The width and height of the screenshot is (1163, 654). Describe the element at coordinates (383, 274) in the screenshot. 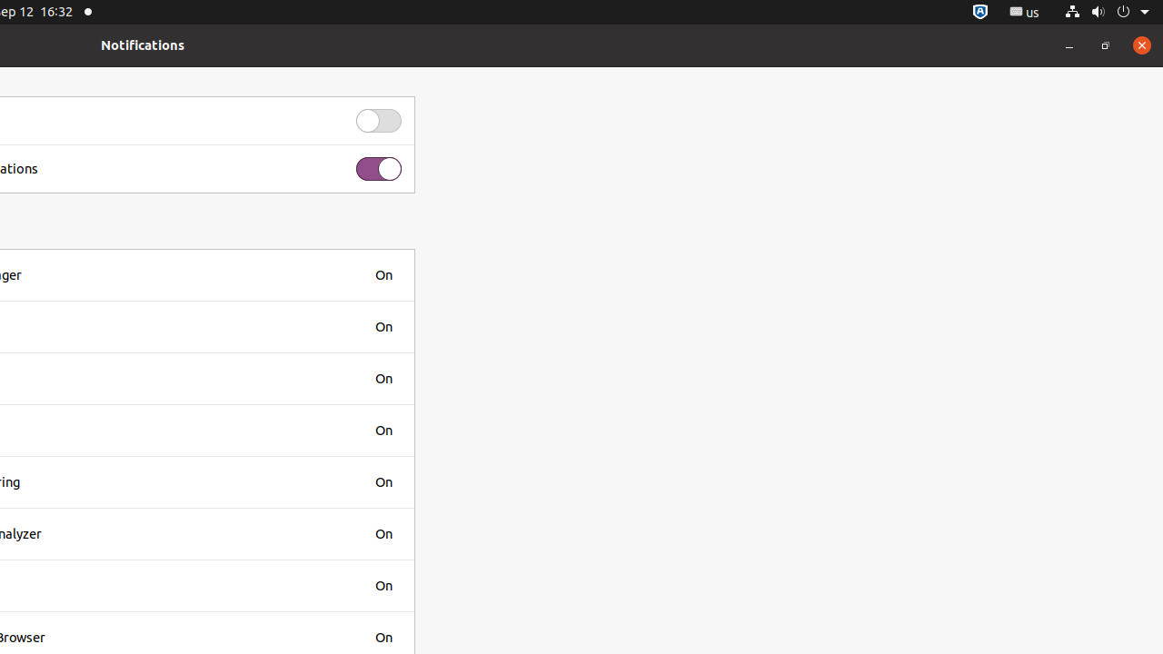

I see `'On'` at that location.